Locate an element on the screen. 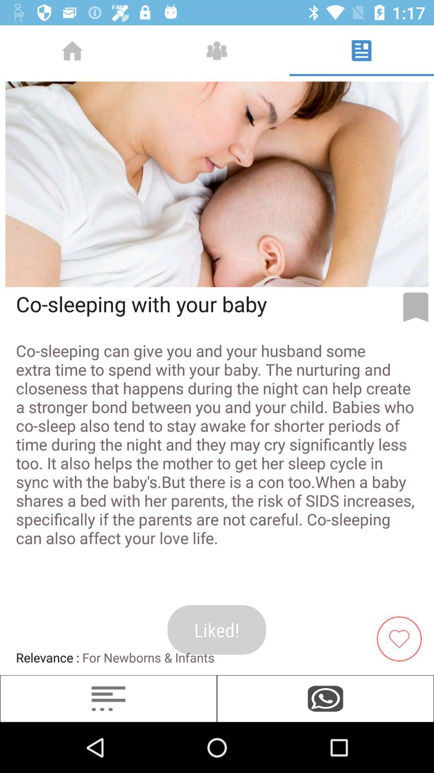 Image resolution: width=434 pixels, height=773 pixels. the item to the right of the co sleeping with is located at coordinates (416, 307).